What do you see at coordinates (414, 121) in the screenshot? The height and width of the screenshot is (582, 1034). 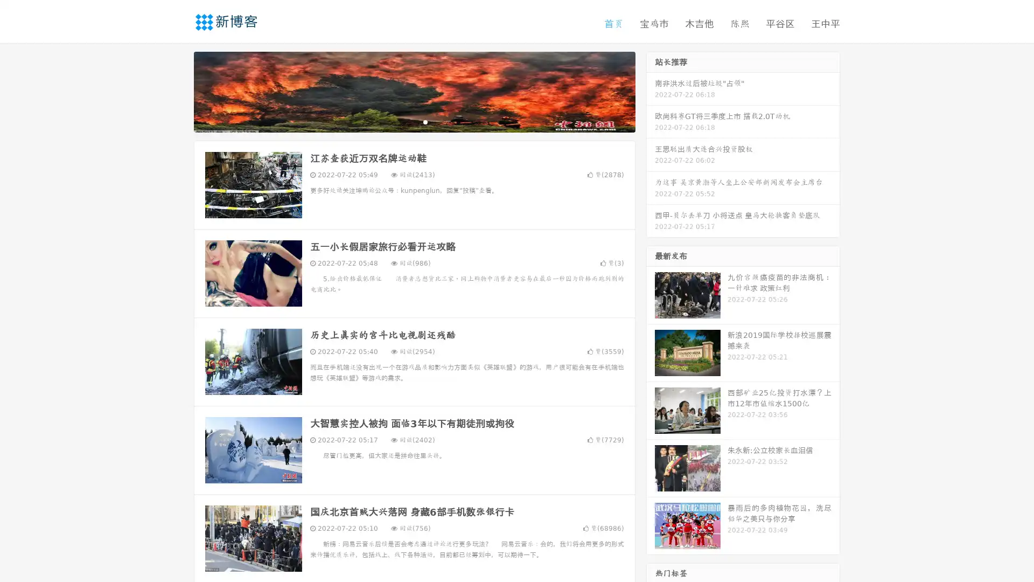 I see `Go to slide 2` at bounding box center [414, 121].